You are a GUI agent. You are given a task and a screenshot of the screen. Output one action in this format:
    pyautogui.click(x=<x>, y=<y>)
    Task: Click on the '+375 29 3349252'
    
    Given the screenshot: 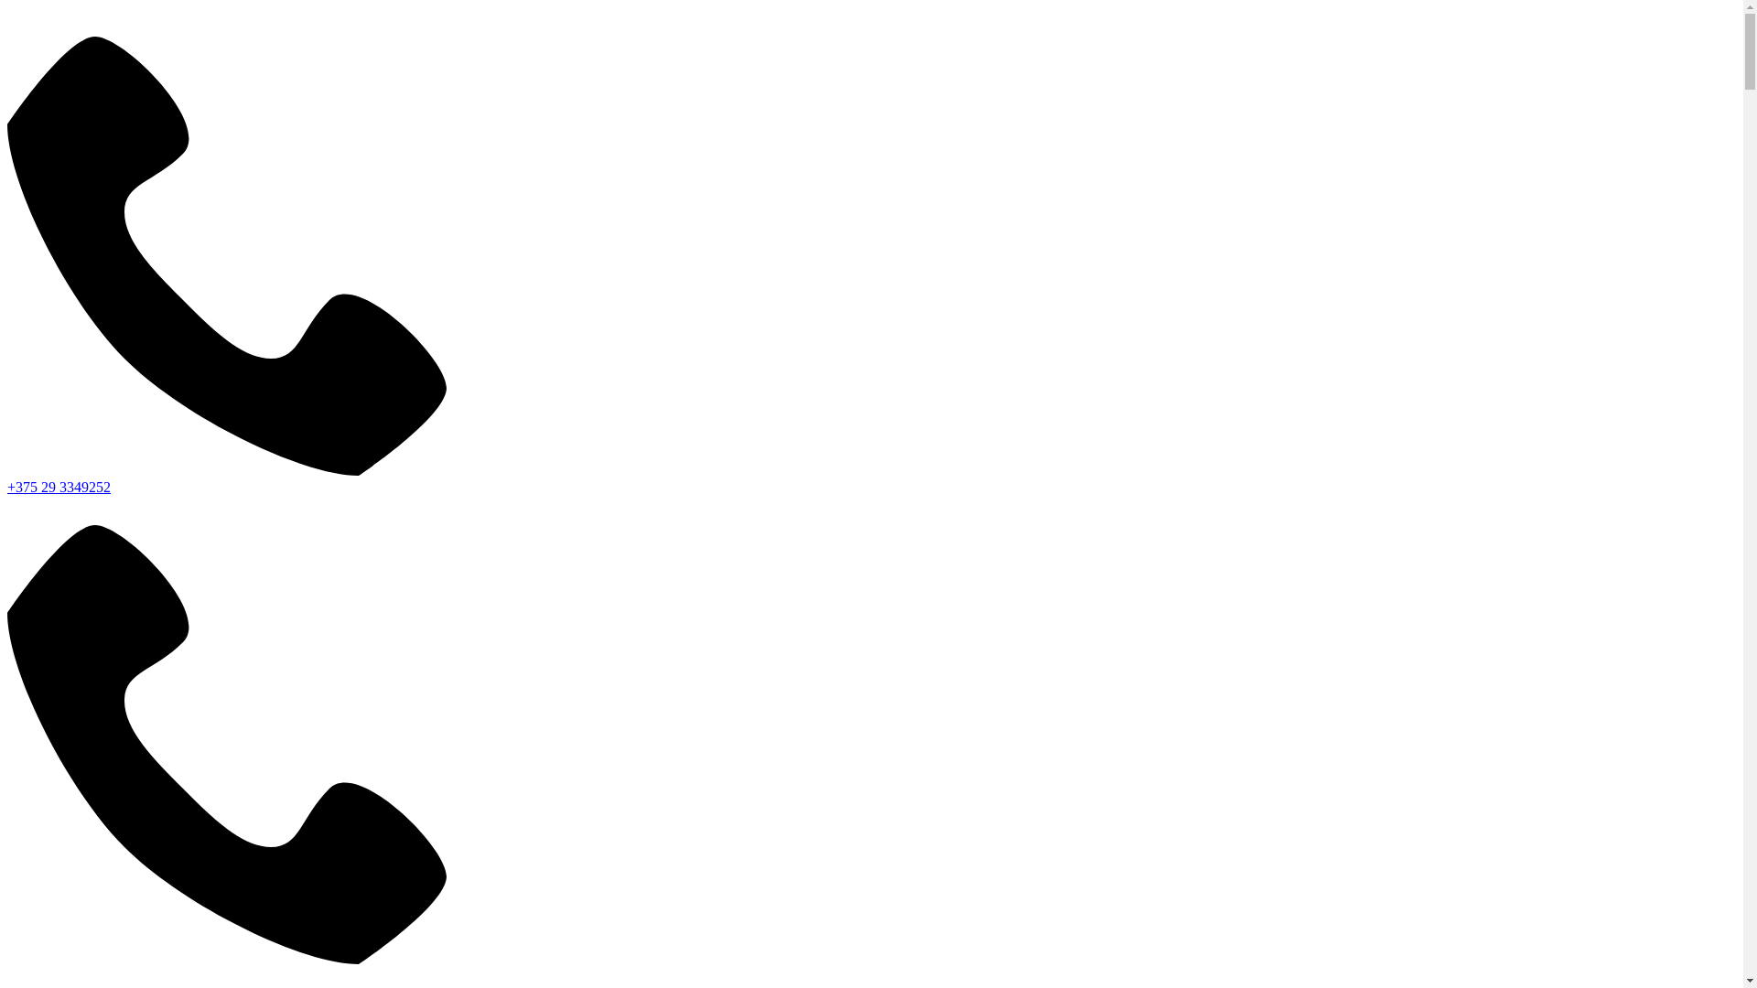 What is the action you would take?
    pyautogui.click(x=59, y=486)
    